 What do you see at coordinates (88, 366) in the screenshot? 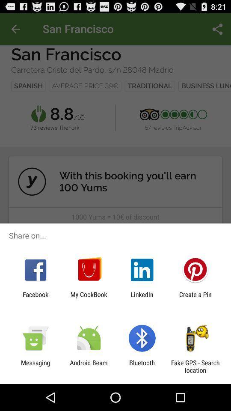
I see `the app to the right of the messaging app` at bounding box center [88, 366].